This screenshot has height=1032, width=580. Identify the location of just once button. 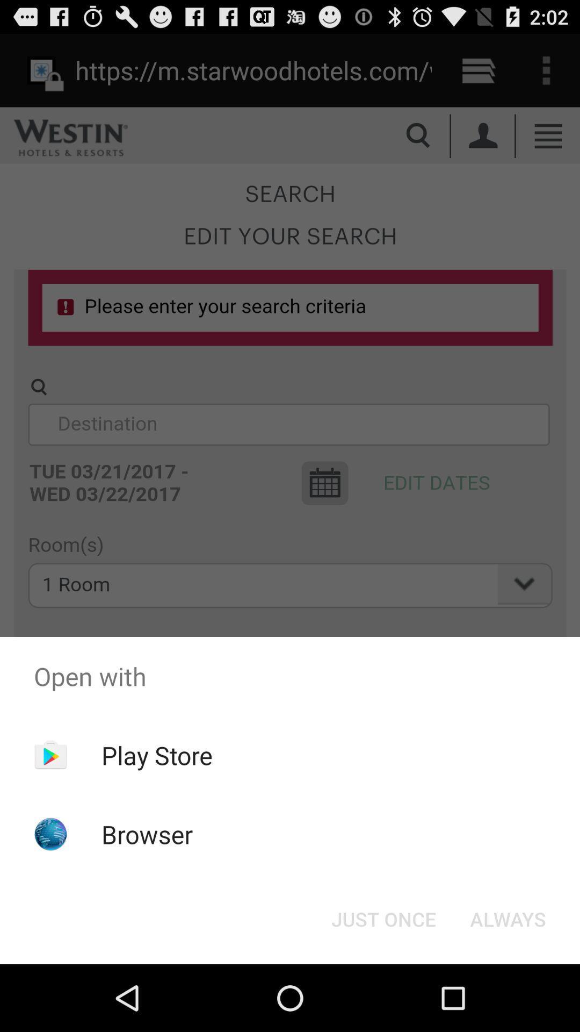
(383, 918).